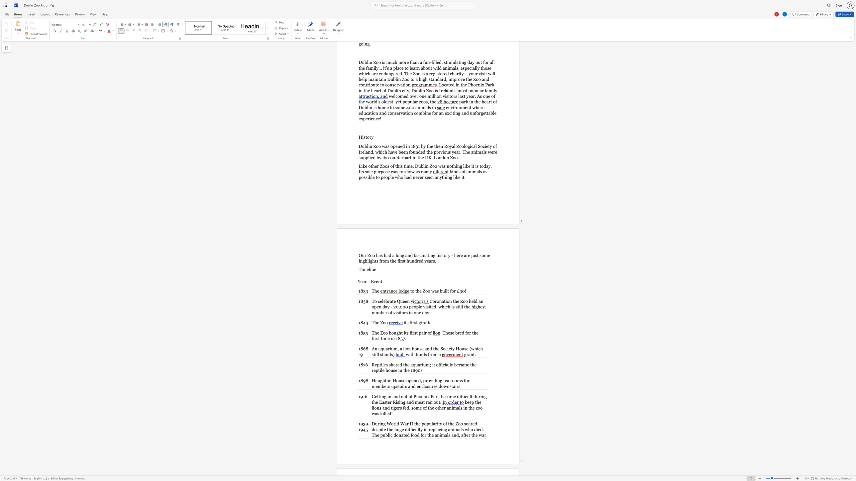 The image size is (856, 481). What do you see at coordinates (473, 301) in the screenshot?
I see `the subset text "ld an open day - 20,000 people visited, which is still the highest number o" within the text "Coronation the Zoo held an open day - 20,000 people visited, which is still the highest number of visitors in one day."` at bounding box center [473, 301].